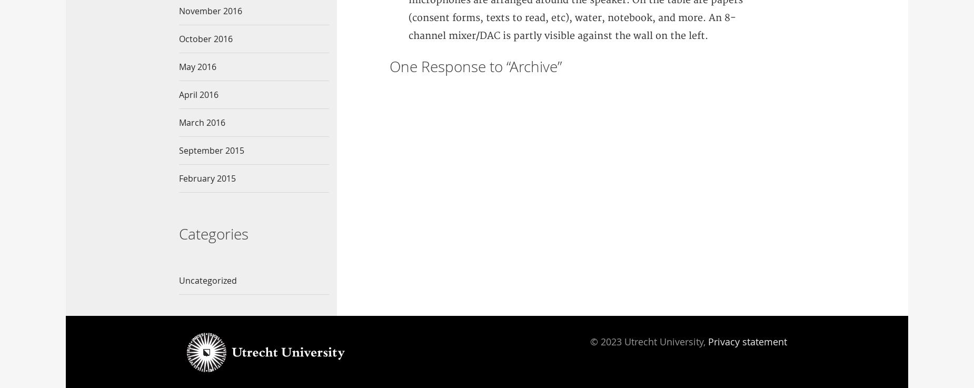  Describe the element at coordinates (213, 233) in the screenshot. I see `'Categories'` at that location.